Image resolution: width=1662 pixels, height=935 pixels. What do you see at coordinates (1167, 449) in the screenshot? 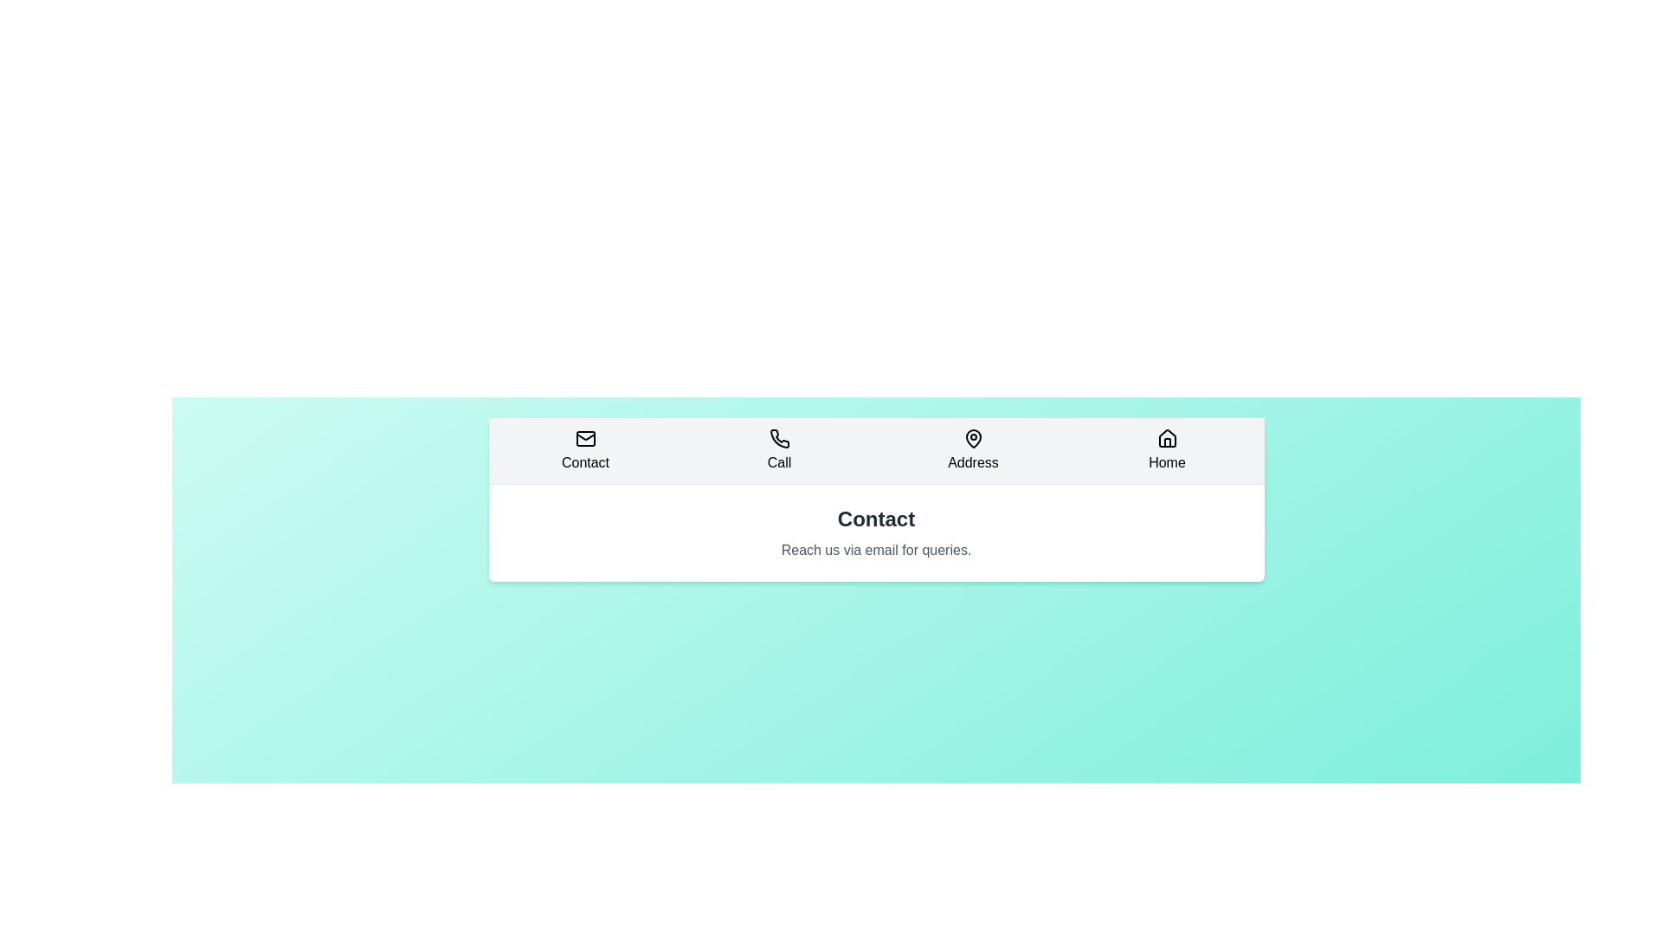
I see `the tab labeled Home` at bounding box center [1167, 449].